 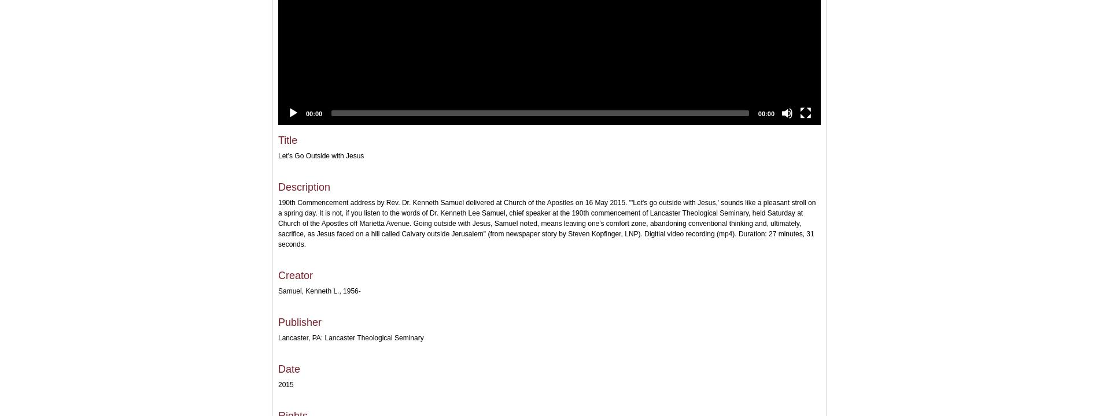 What do you see at coordinates (278, 290) in the screenshot?
I see `'Samuel, Kenneth L., 1956-'` at bounding box center [278, 290].